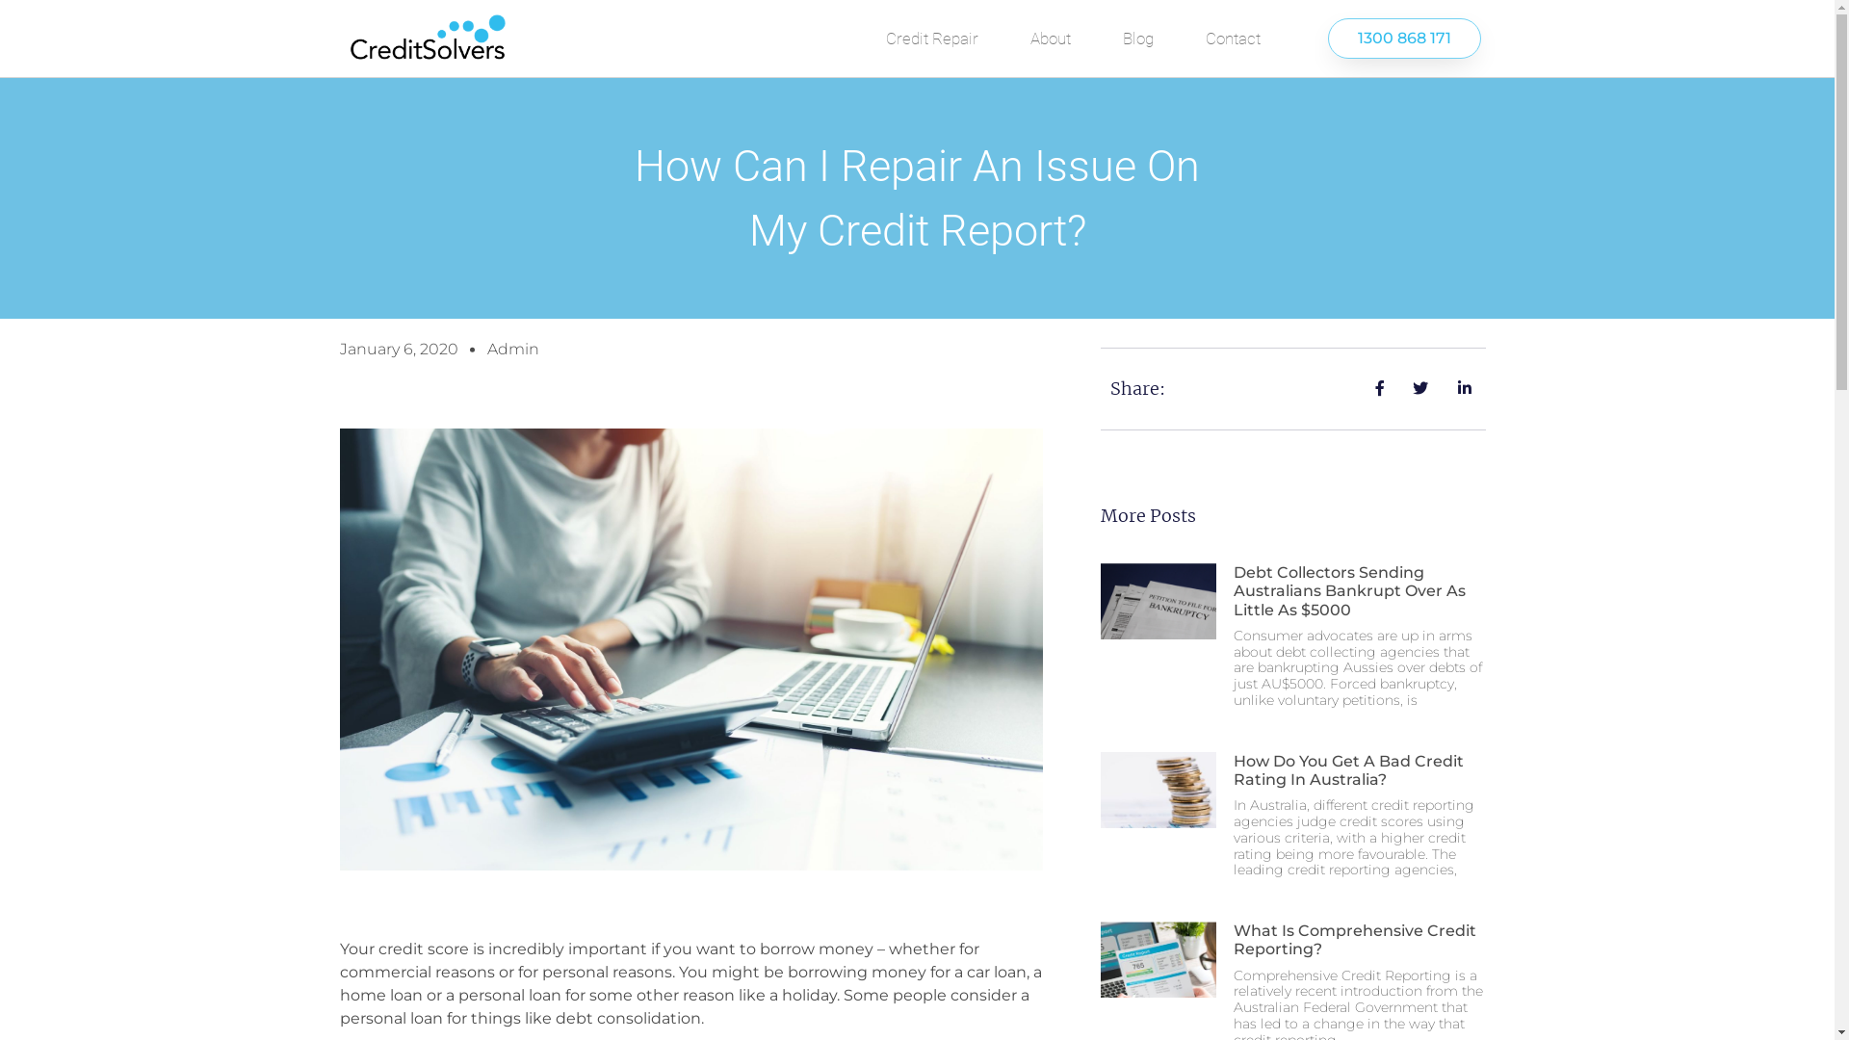 The image size is (1849, 1040). Describe the element at coordinates (858, 38) in the screenshot. I see `'Credit Repair'` at that location.